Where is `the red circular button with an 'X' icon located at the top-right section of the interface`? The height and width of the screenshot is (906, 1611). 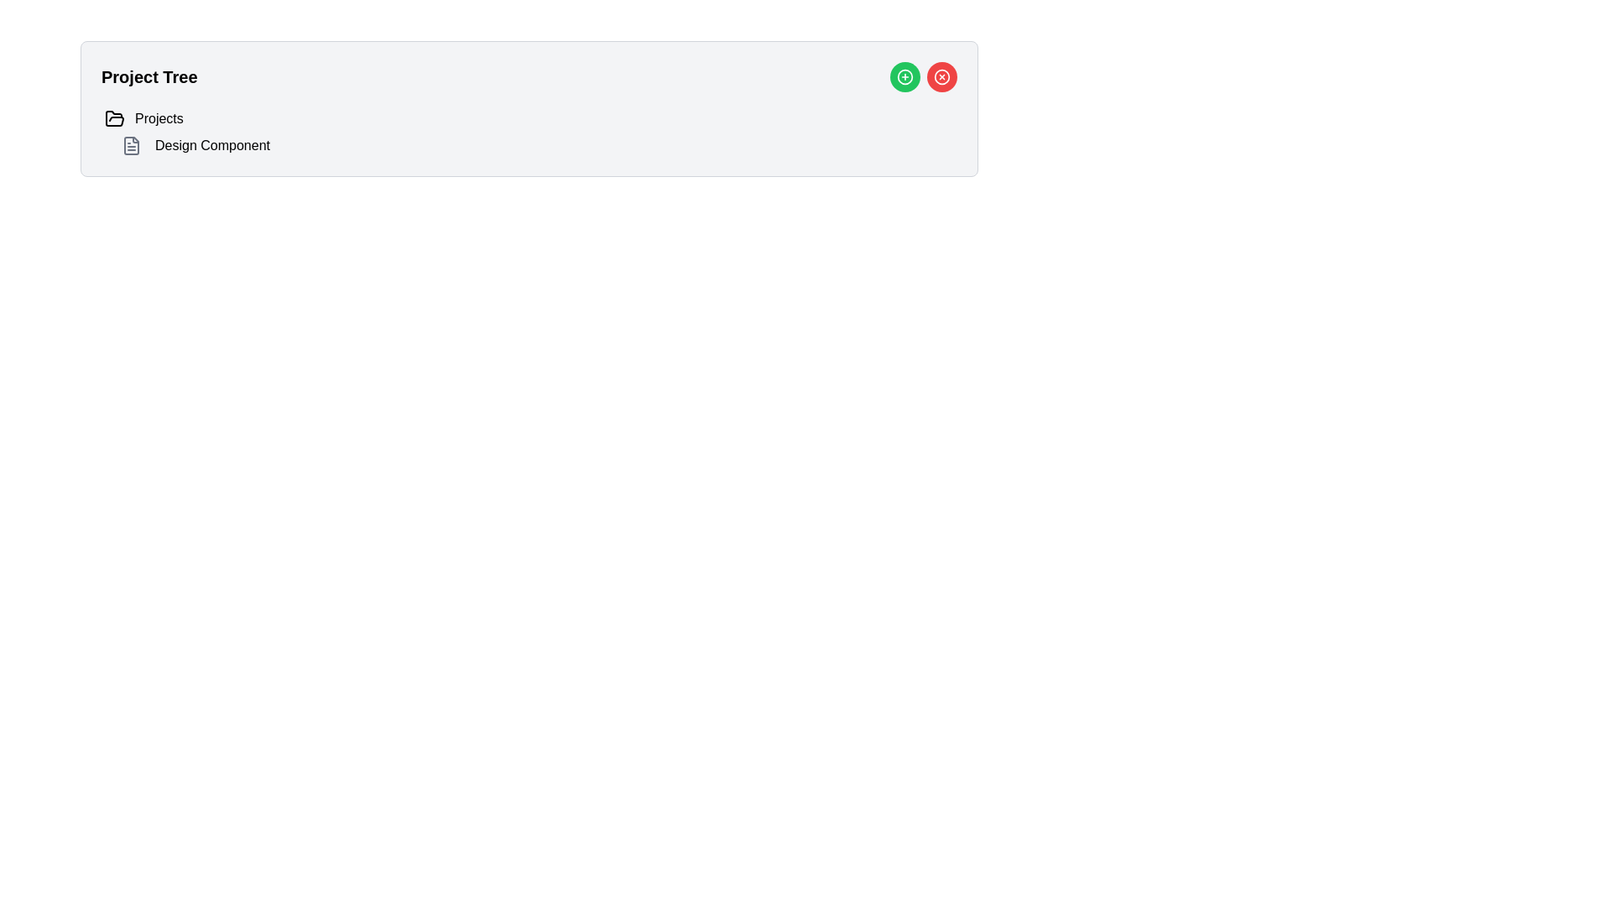
the red circular button with an 'X' icon located at the top-right section of the interface is located at coordinates (942, 77).